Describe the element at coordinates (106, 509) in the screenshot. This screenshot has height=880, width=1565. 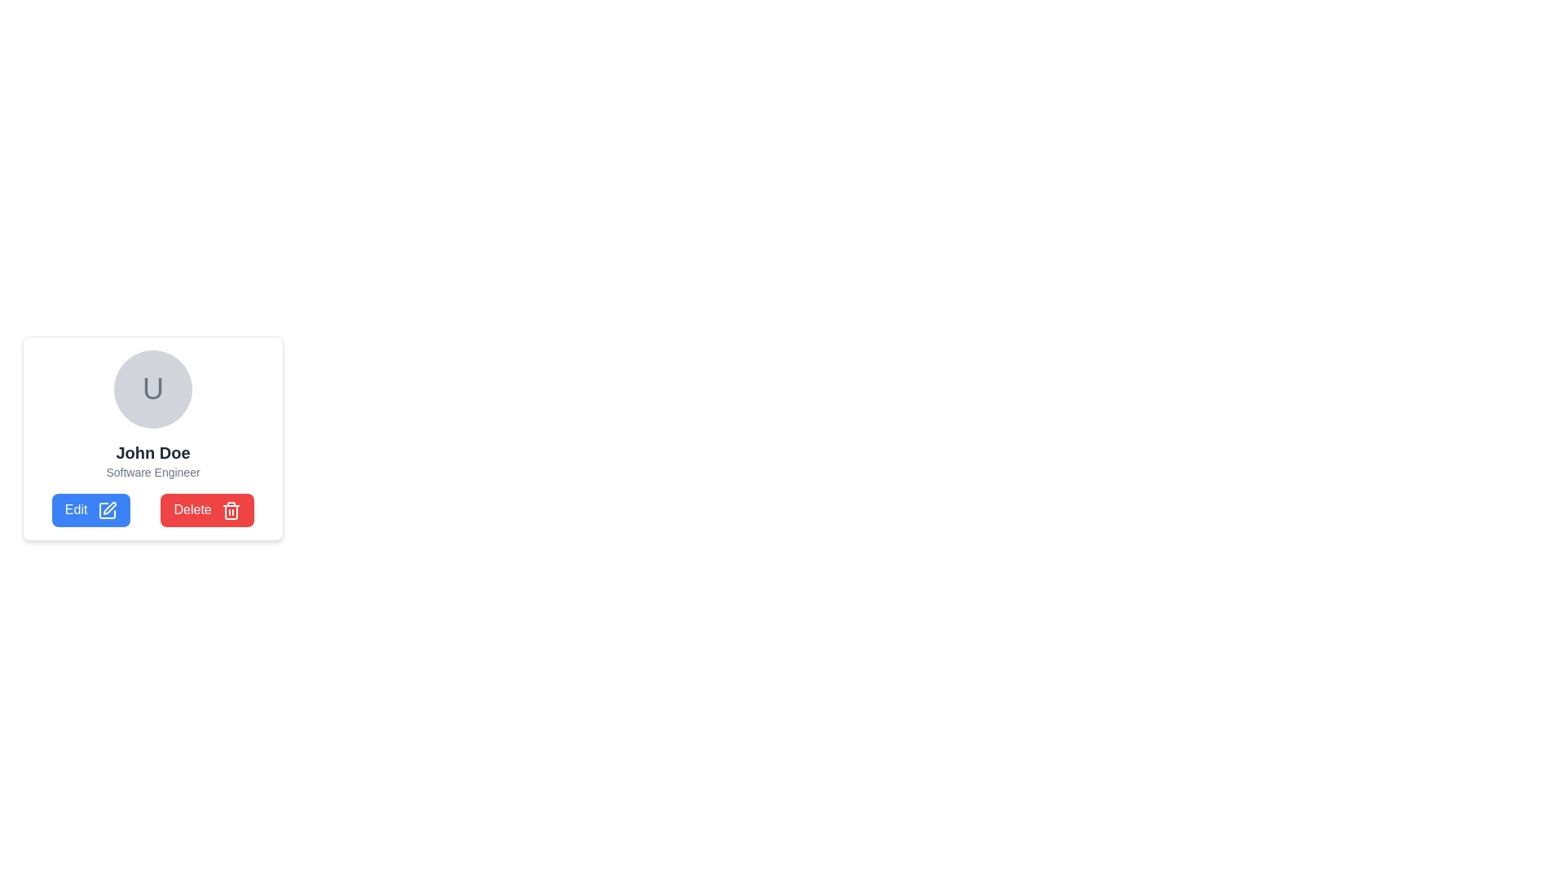
I see `the pencil icon located beneath the name 'John Doe' and title 'Software Engineer'` at that location.